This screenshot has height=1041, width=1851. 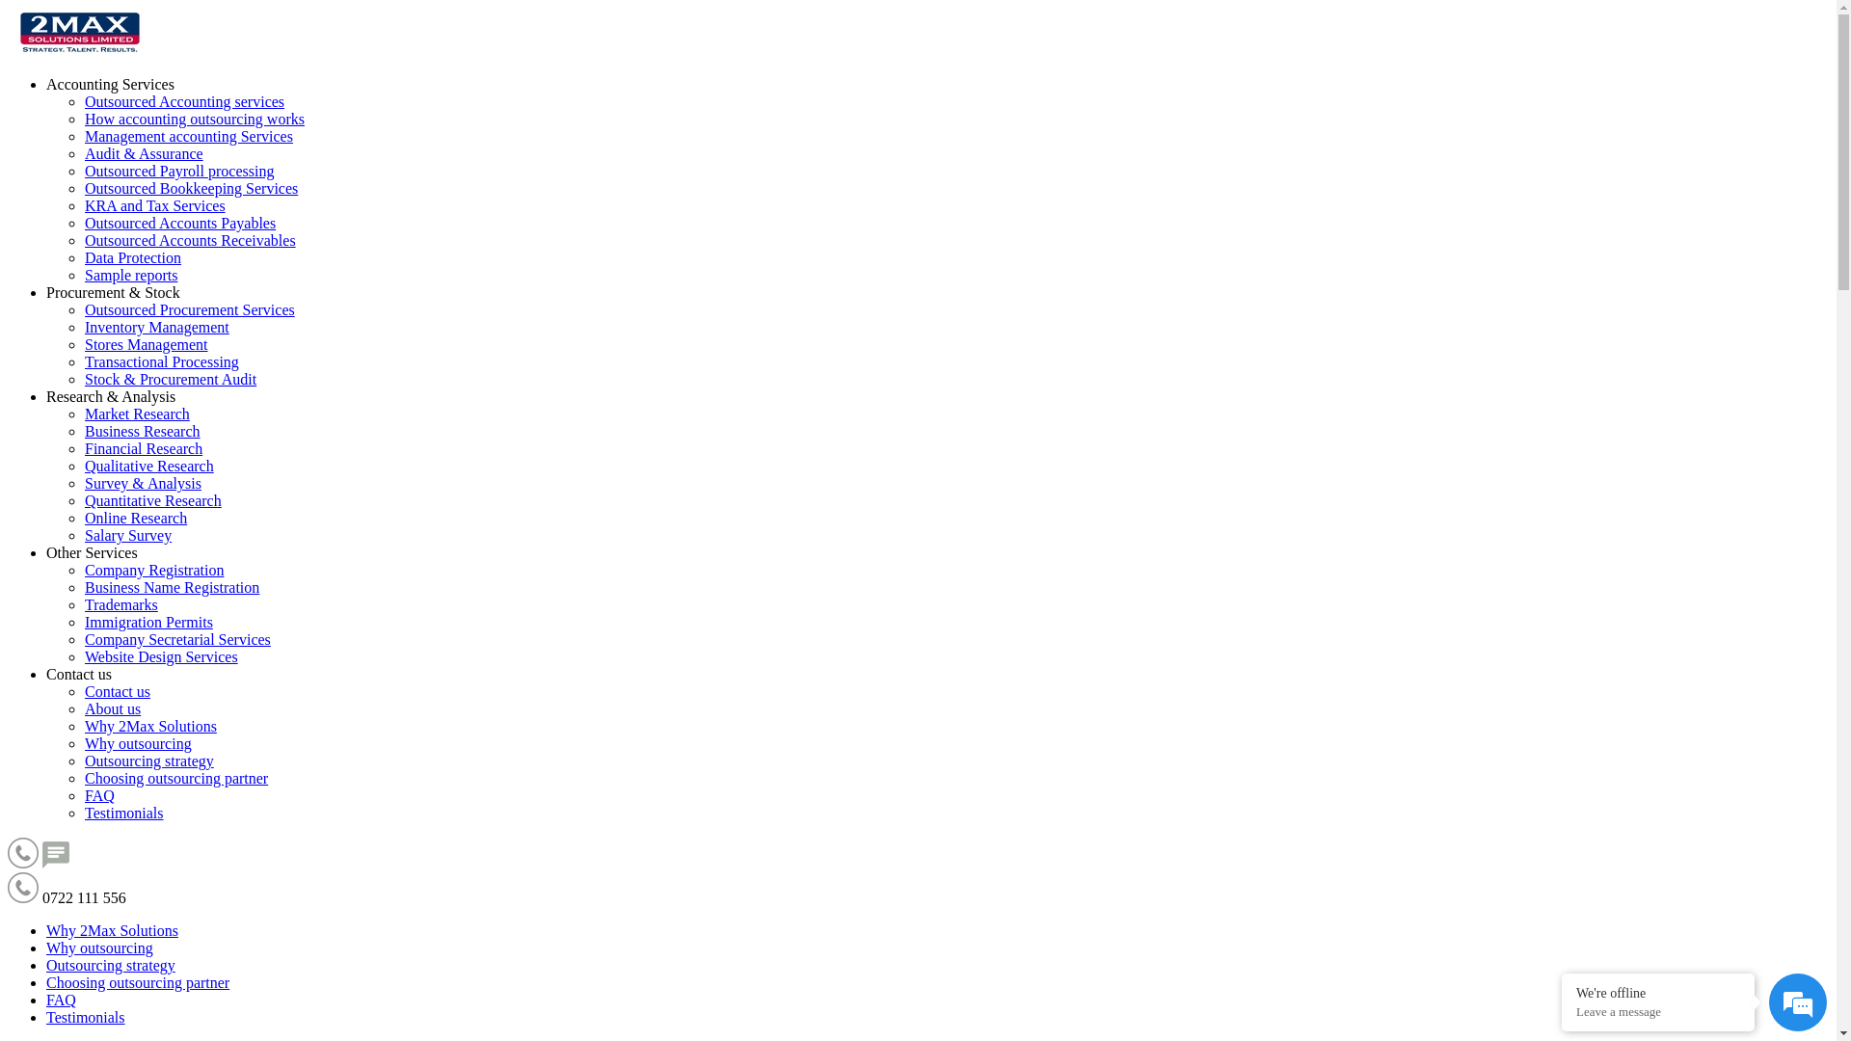 I want to click on 'Outsourced Bookkeeping Services', so click(x=83, y=188).